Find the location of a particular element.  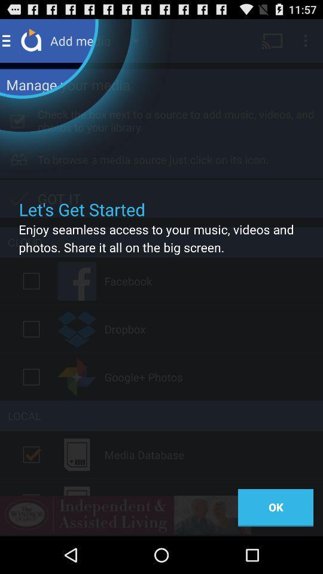

this app is located at coordinates (31, 281).